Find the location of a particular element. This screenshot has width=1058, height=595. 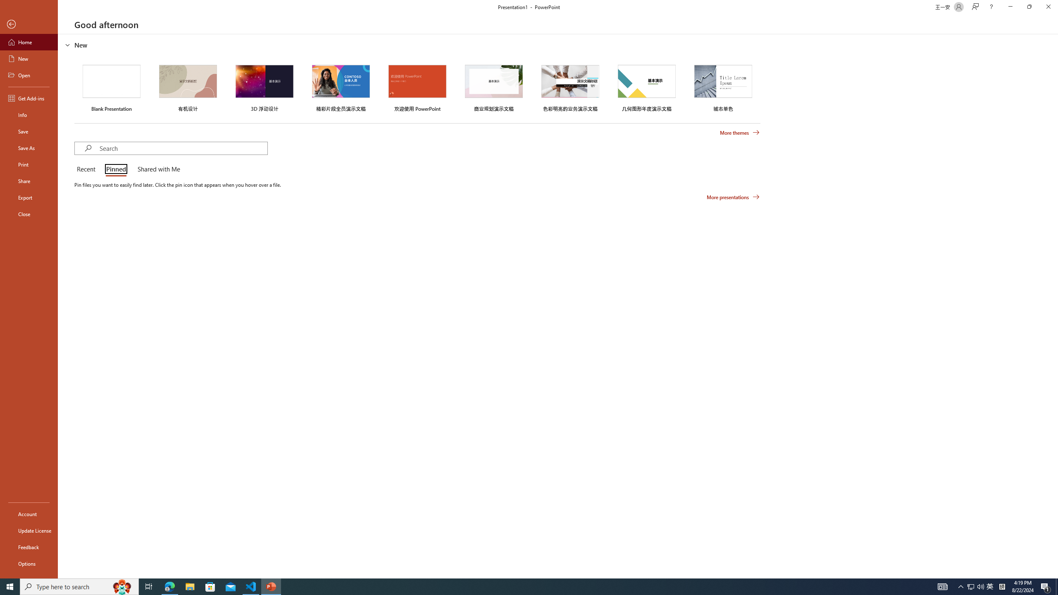

'Hide or show region' is located at coordinates (67, 44).